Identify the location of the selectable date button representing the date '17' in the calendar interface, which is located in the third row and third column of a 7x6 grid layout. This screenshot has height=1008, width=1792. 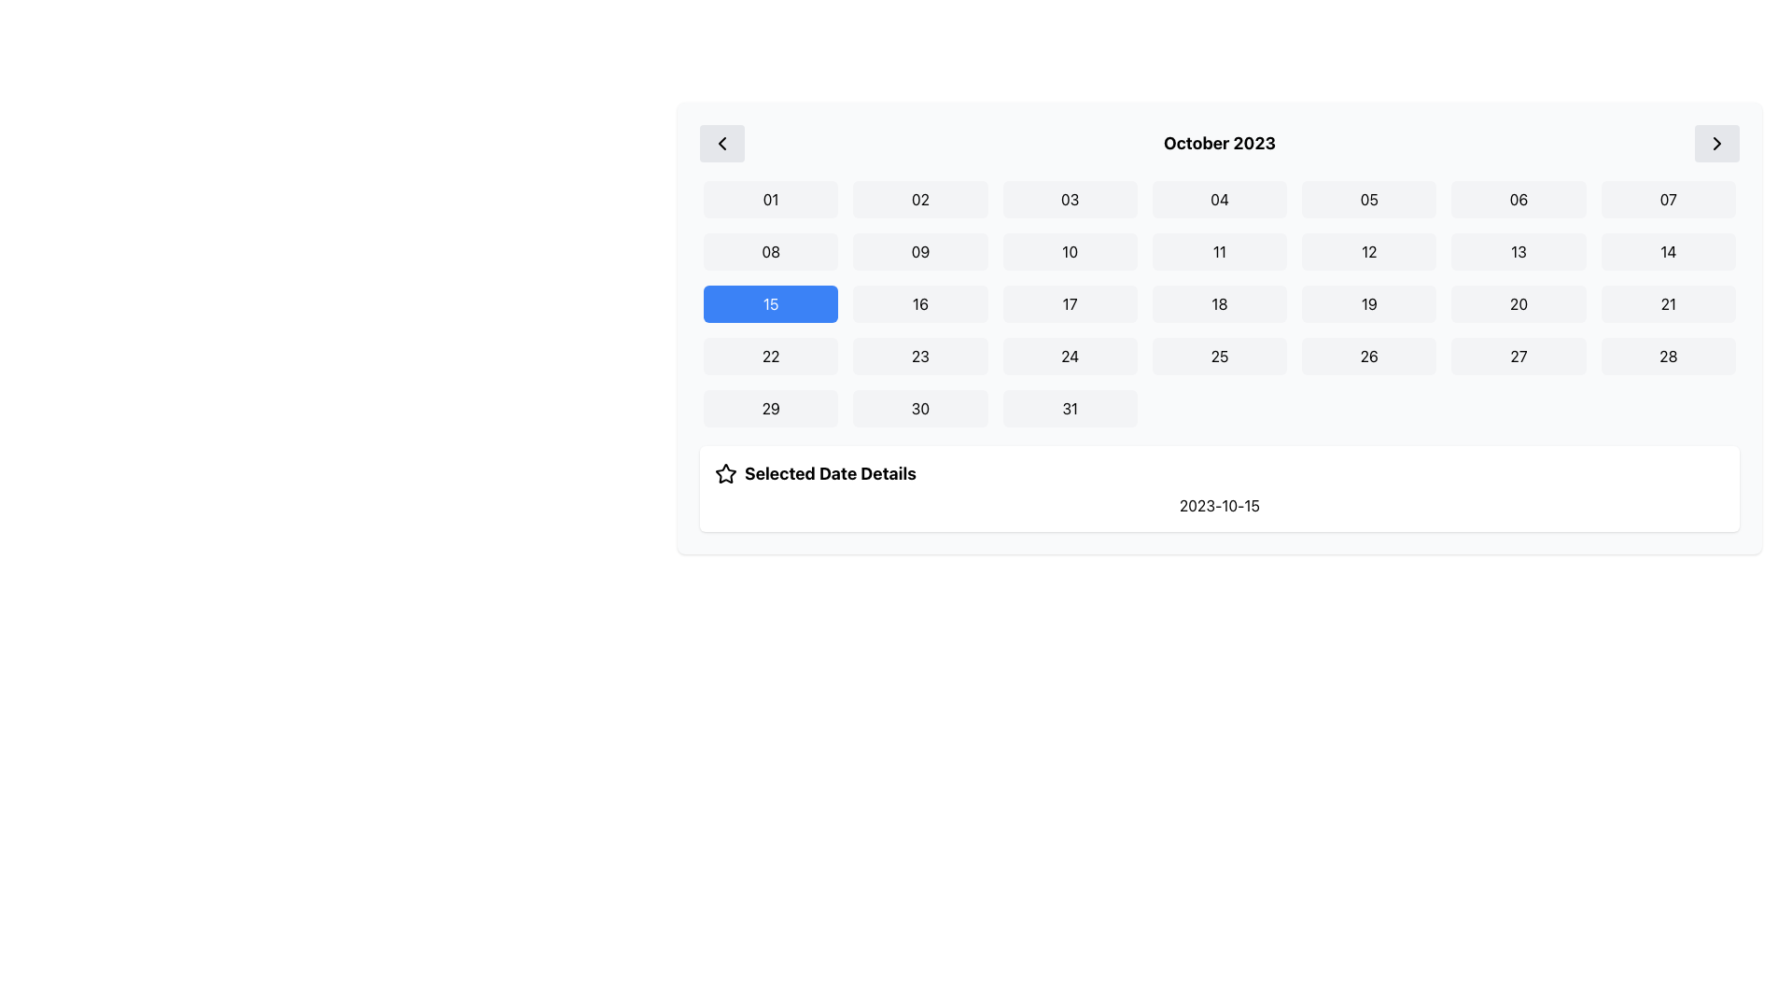
(1070, 303).